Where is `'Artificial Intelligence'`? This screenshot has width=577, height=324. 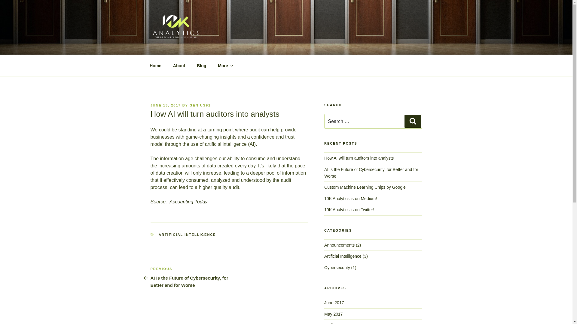 'Artificial Intelligence' is located at coordinates (343, 256).